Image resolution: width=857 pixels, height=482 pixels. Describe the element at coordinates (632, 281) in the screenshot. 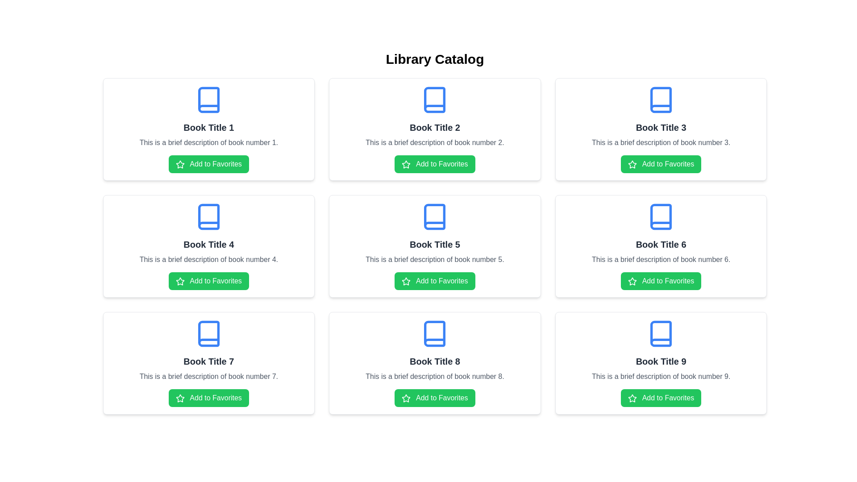

I see `the star icon located within the 'Book Title 6' card, just above the 'Add to Favorites' label` at that location.